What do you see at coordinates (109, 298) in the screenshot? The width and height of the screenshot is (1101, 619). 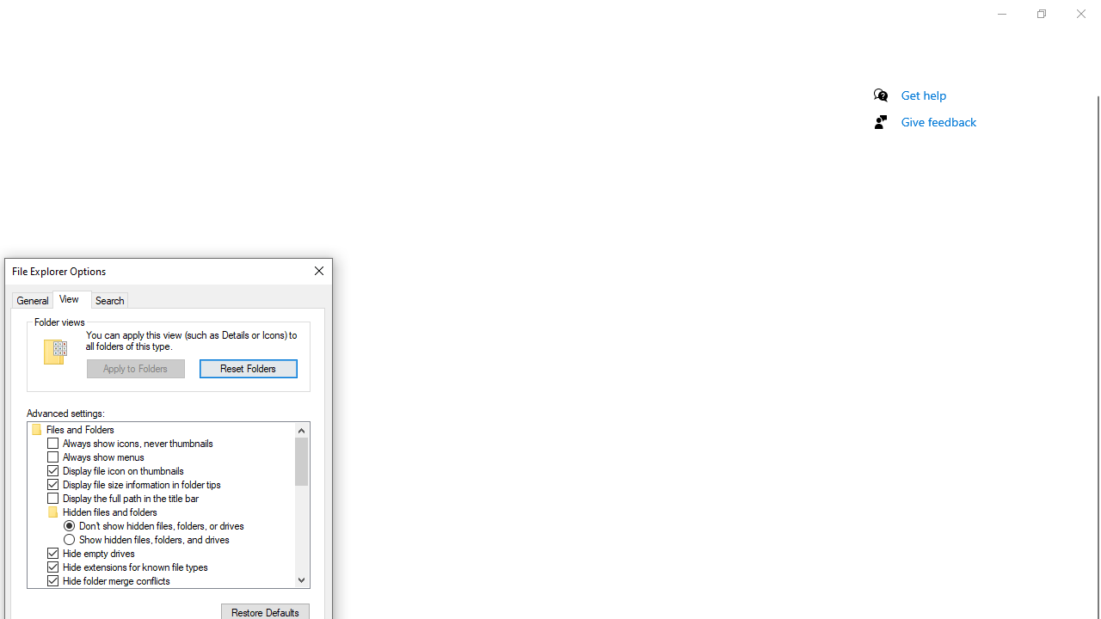 I see `'Search'` at bounding box center [109, 298].